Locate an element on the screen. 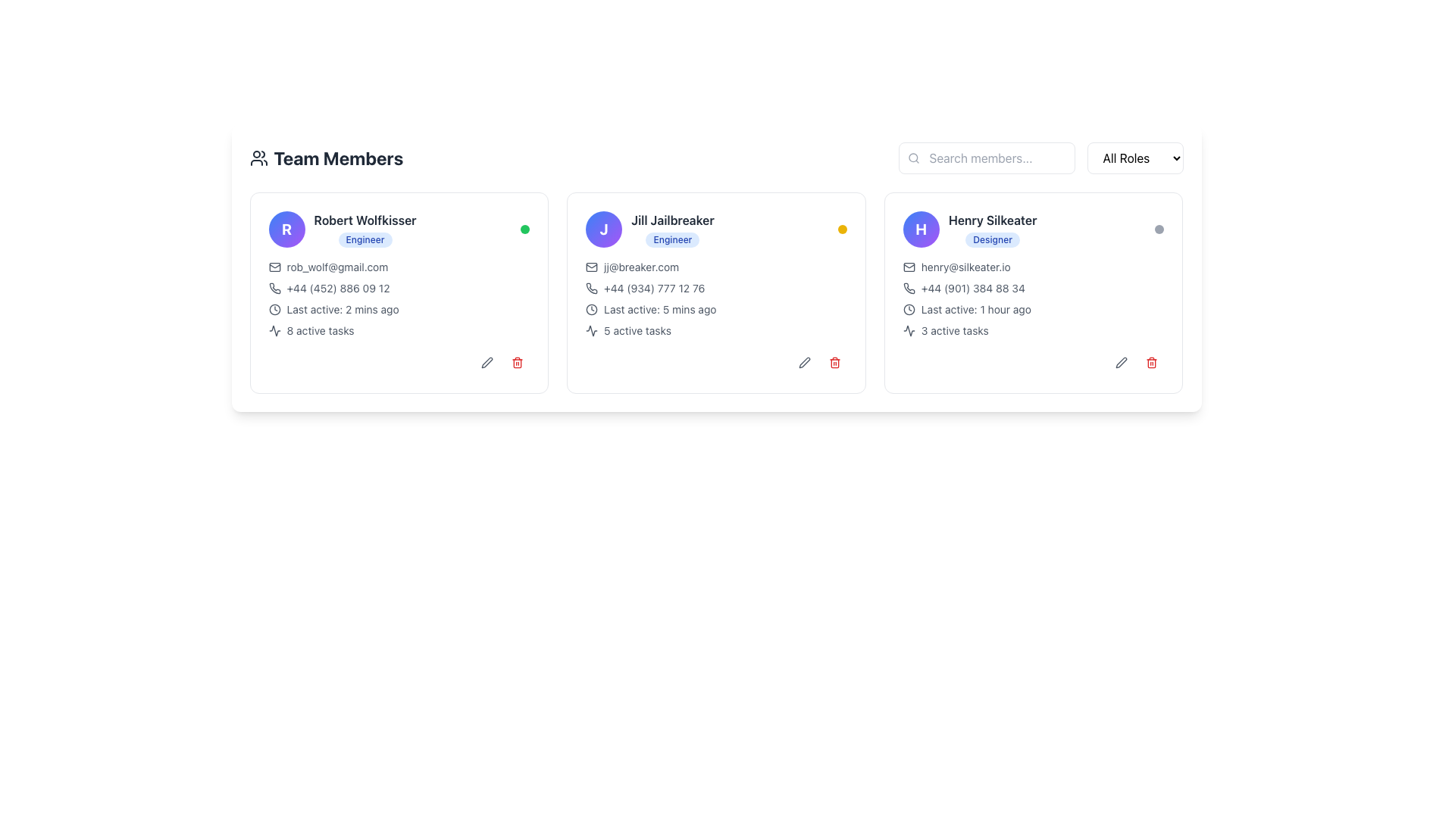 This screenshot has width=1455, height=818. the phone number indicator icon located in the first user card is located at coordinates (274, 289).